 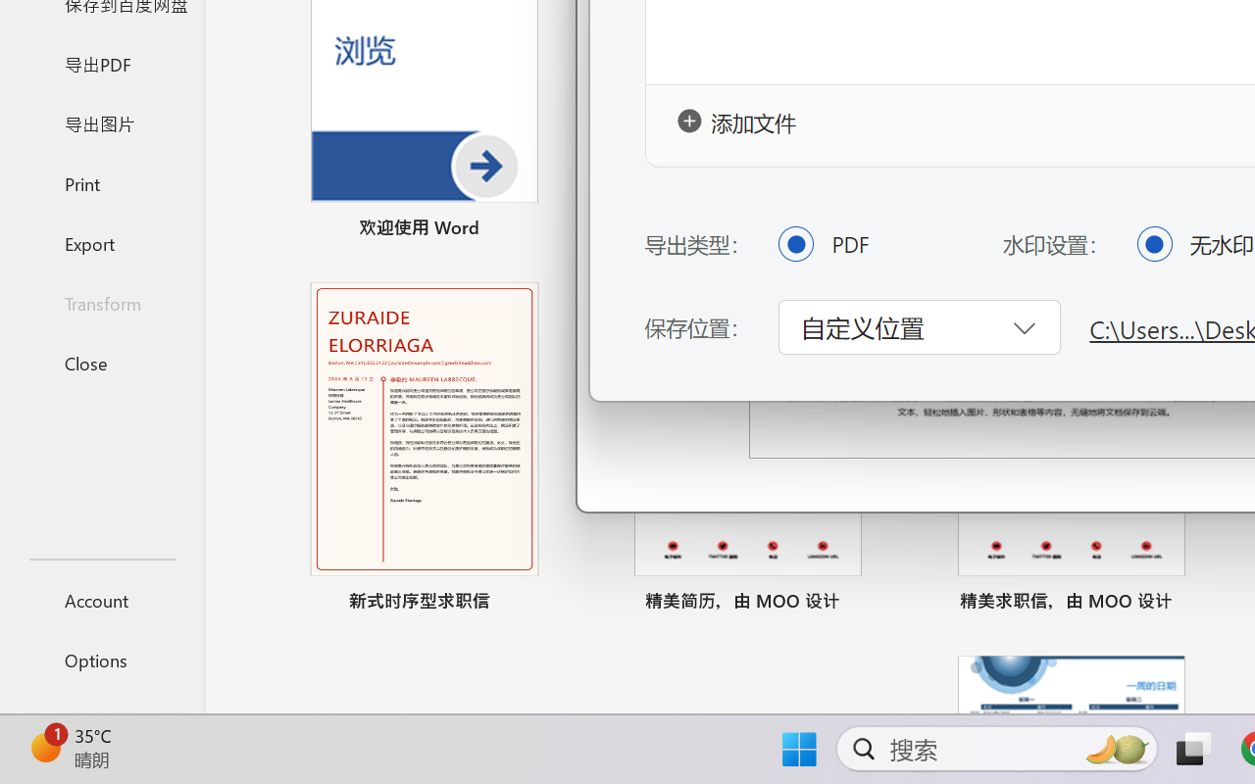 I want to click on 'Pin to list', so click(x=1198, y=604).